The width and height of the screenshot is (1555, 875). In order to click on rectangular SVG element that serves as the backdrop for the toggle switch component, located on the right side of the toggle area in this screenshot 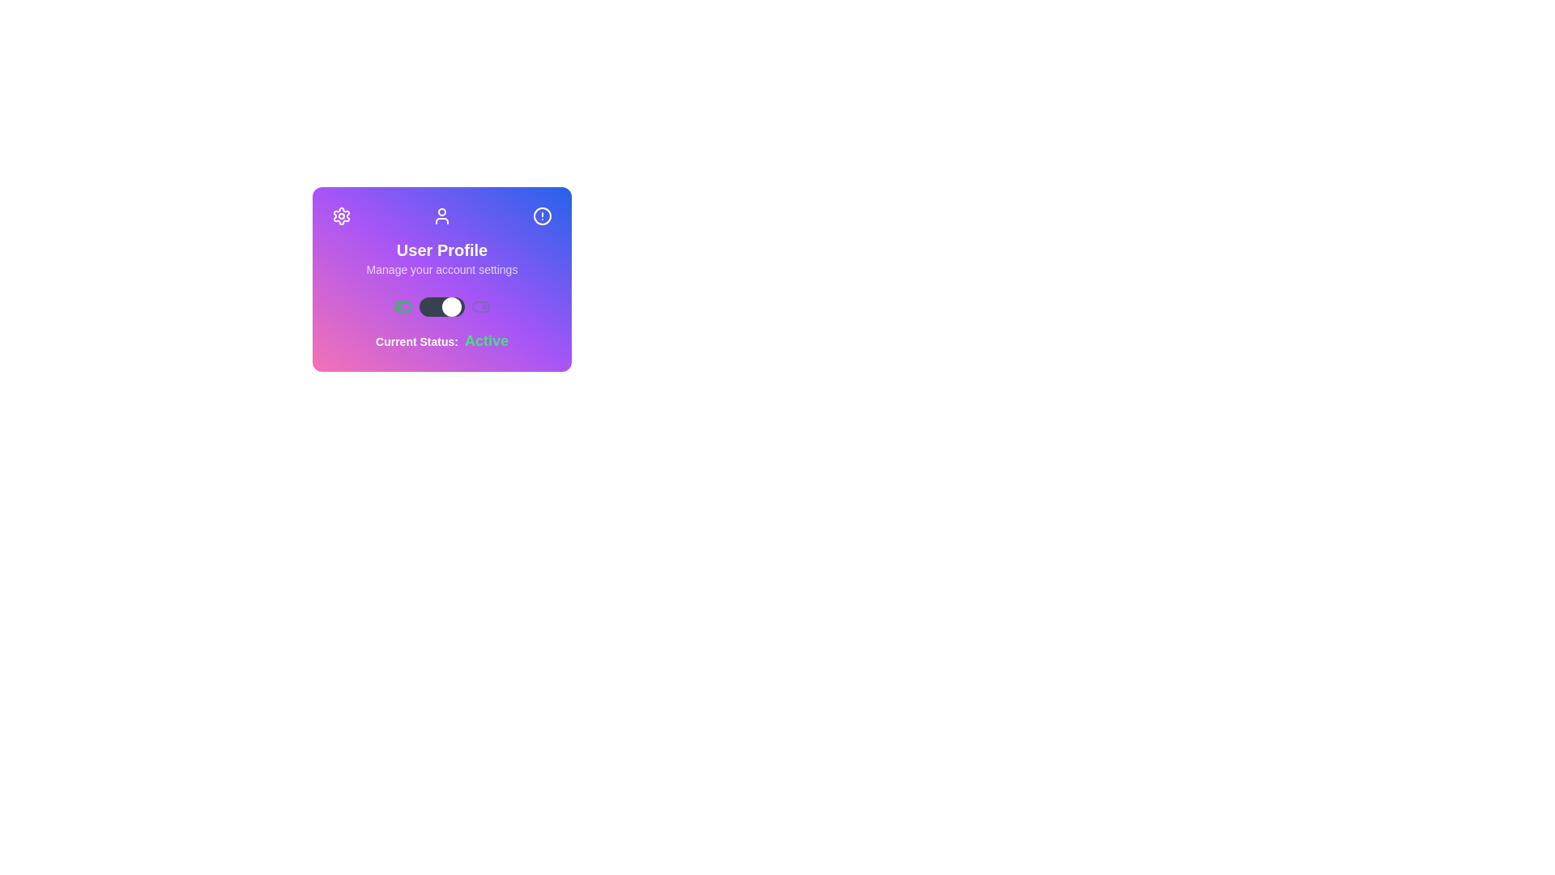, I will do `click(480, 306)`.